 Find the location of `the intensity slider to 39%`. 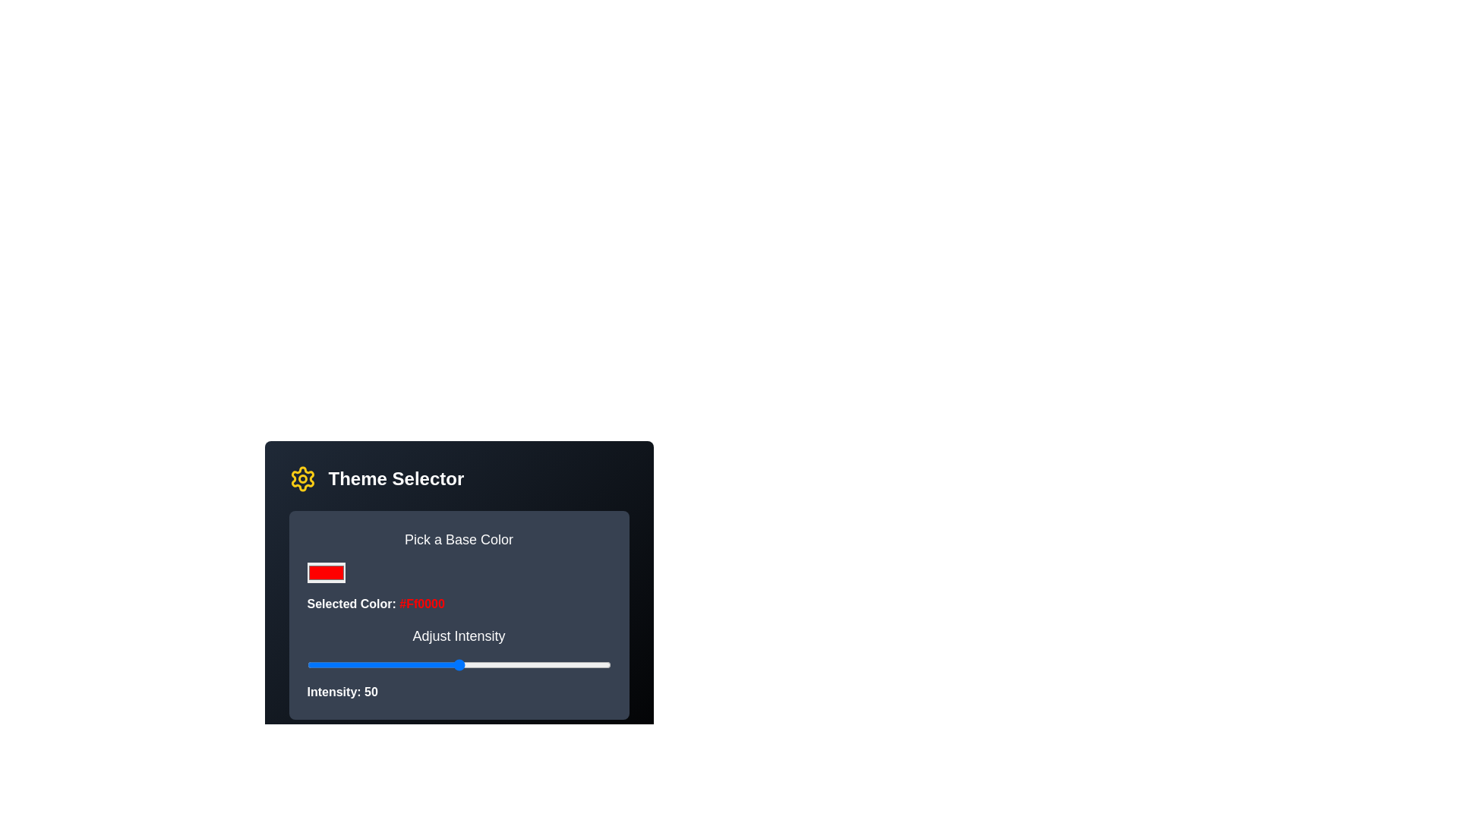

the intensity slider to 39% is located at coordinates (425, 664).